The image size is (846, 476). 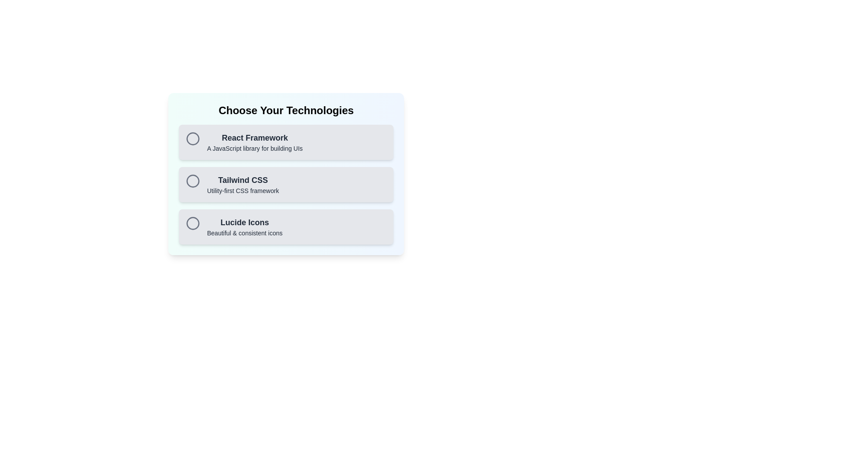 I want to click on the chip labeled Tailwind CSS to observe visual feedback, so click(x=286, y=184).